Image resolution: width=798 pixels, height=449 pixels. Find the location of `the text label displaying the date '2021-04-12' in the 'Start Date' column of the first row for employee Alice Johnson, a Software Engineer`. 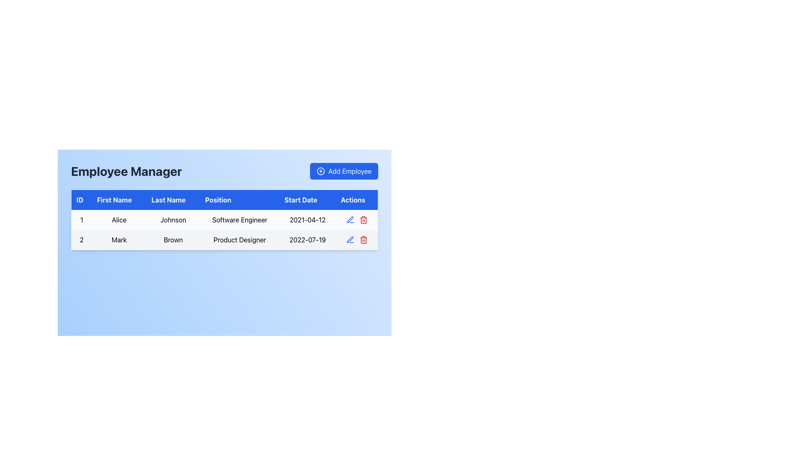

the text label displaying the date '2021-04-12' in the 'Start Date' column of the first row for employee Alice Johnson, a Software Engineer is located at coordinates (307, 219).